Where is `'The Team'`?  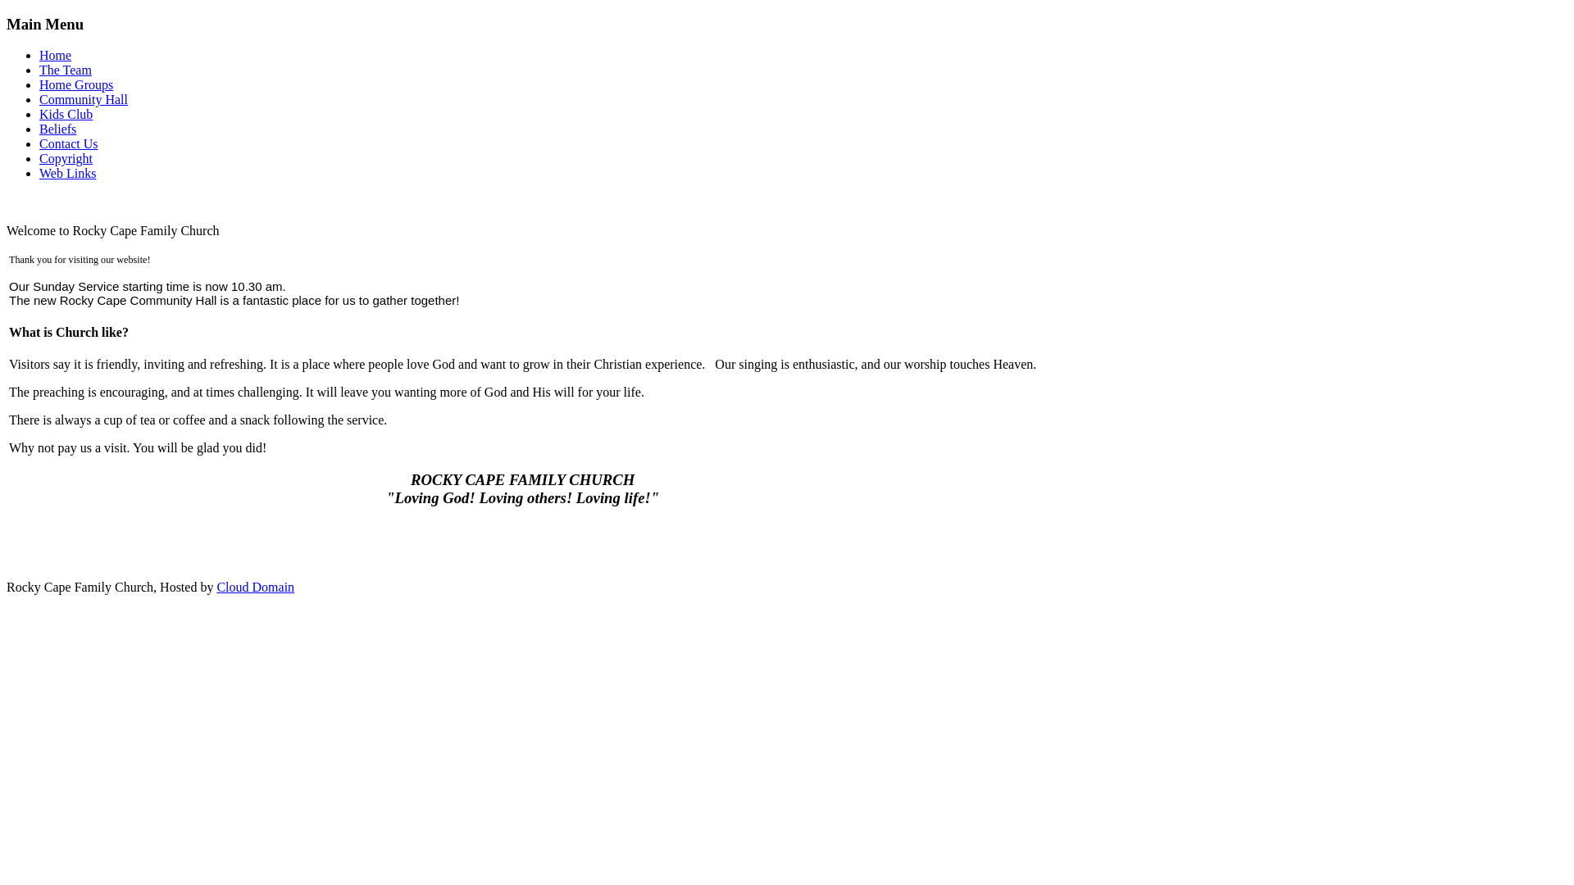 'The Team' is located at coordinates (66, 69).